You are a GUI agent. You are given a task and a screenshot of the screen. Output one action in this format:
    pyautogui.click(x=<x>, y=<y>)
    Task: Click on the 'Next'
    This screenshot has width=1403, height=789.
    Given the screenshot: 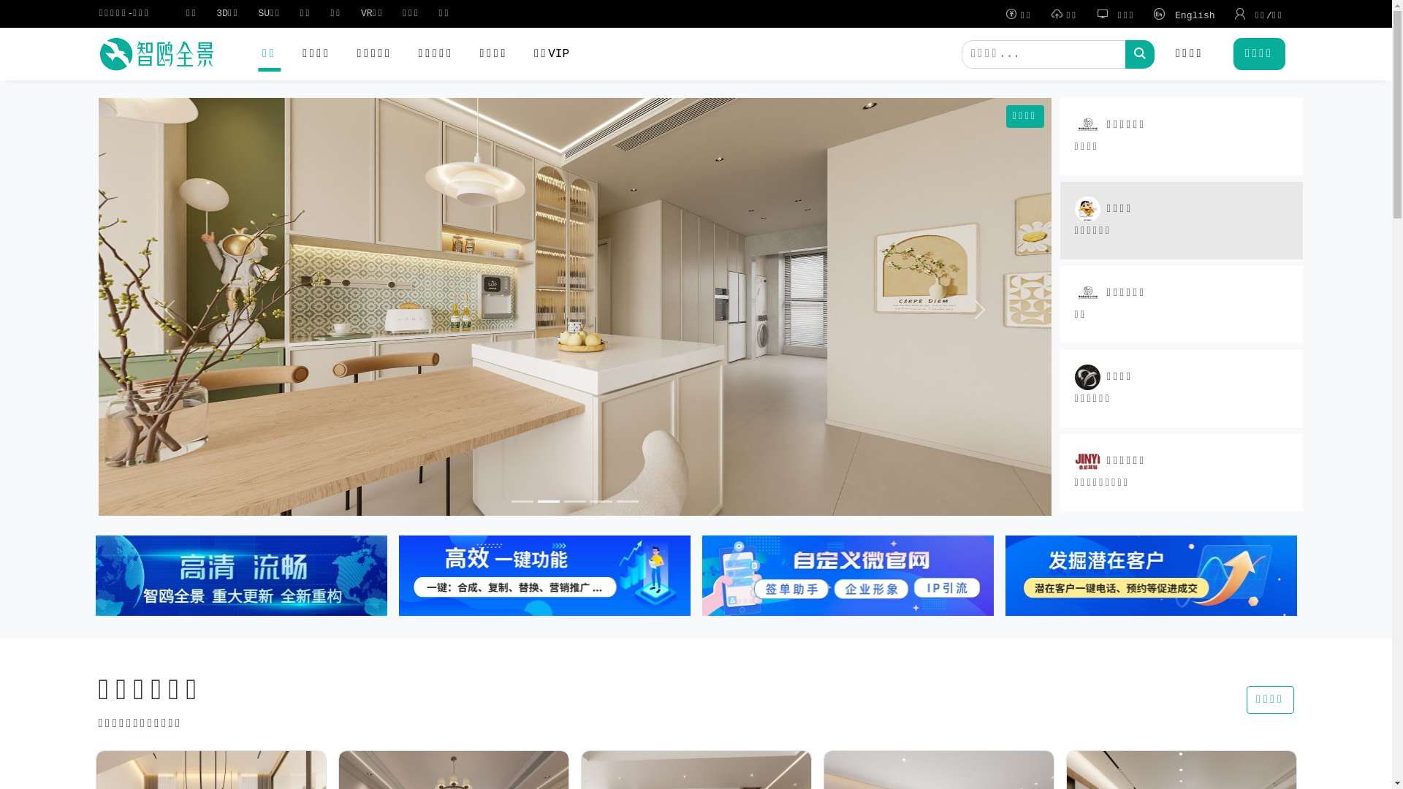 What is the action you would take?
    pyautogui.click(x=979, y=309)
    